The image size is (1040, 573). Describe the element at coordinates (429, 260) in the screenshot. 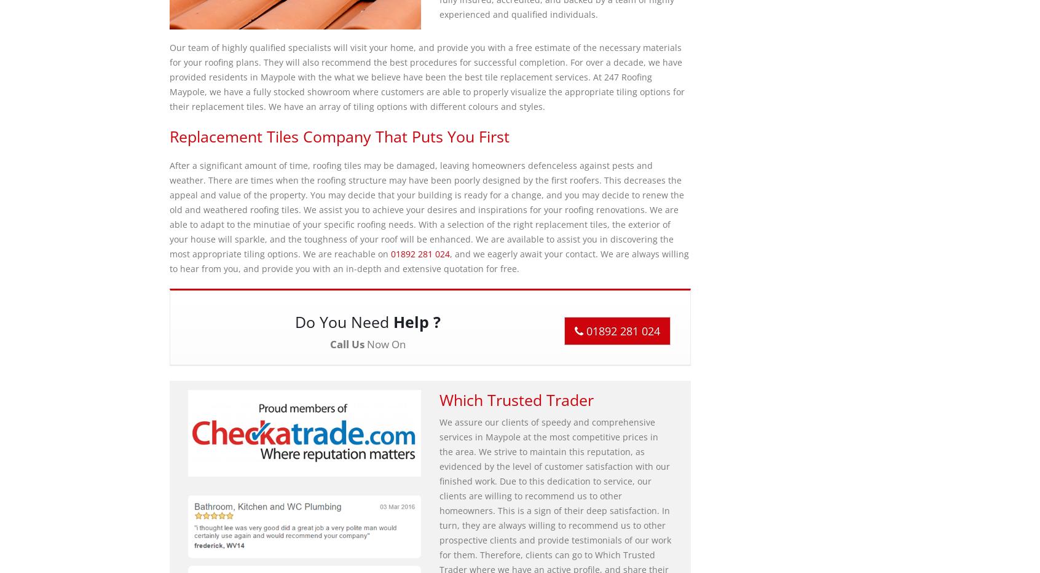

I see `', and we eagerly await your contact. We are always willing to hear from you, and provide you with an in-depth and extensive quotation for free.'` at that location.